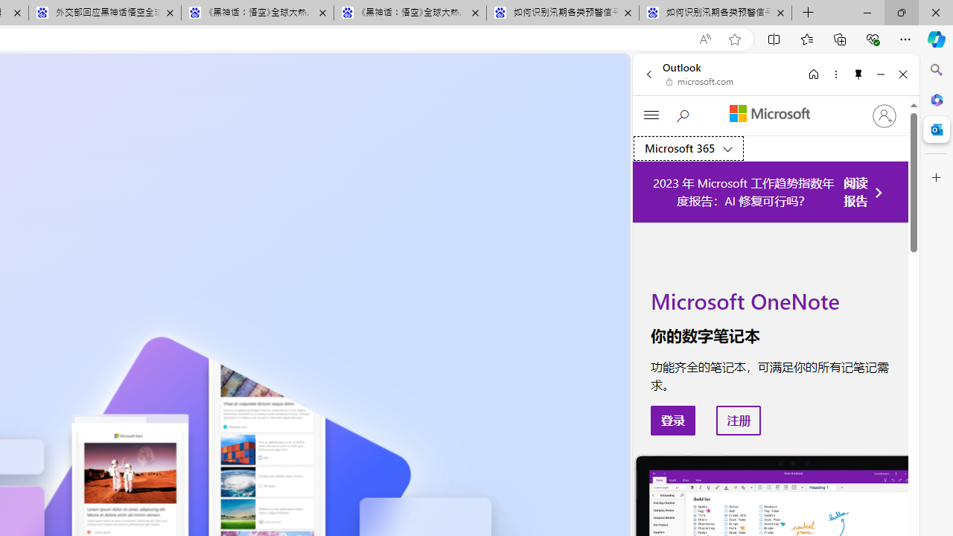 The width and height of the screenshot is (953, 536). Describe the element at coordinates (813, 74) in the screenshot. I see `'Home'` at that location.